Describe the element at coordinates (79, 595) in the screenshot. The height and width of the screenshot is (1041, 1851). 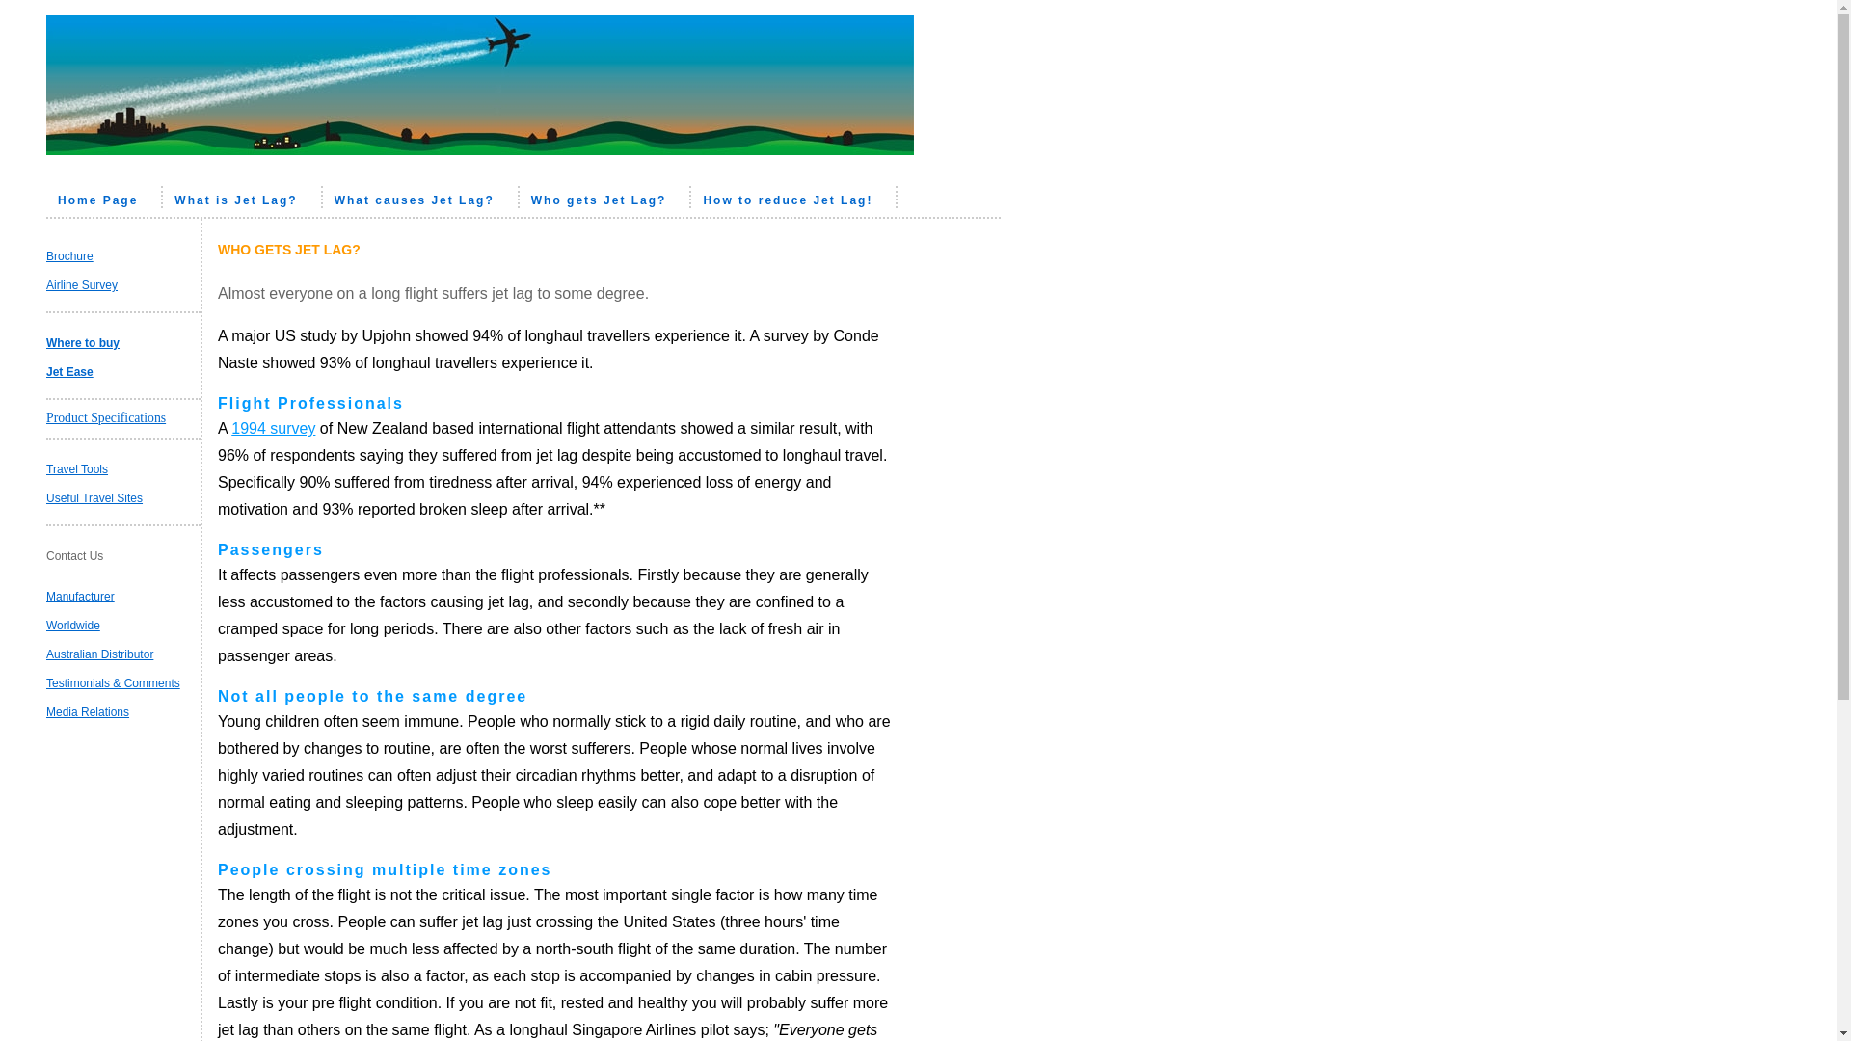
I see `'Manufacturer'` at that location.